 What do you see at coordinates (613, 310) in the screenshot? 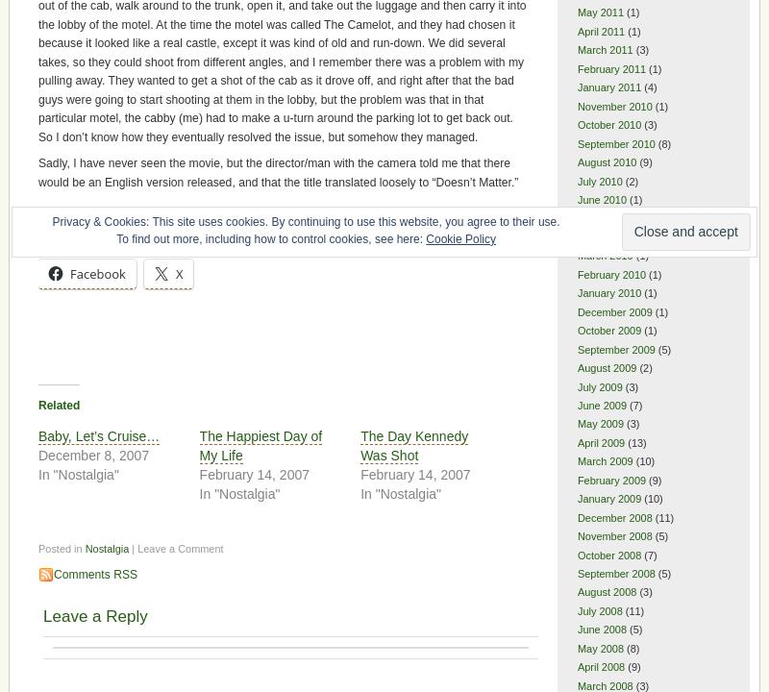
I see `'December 2009'` at bounding box center [613, 310].